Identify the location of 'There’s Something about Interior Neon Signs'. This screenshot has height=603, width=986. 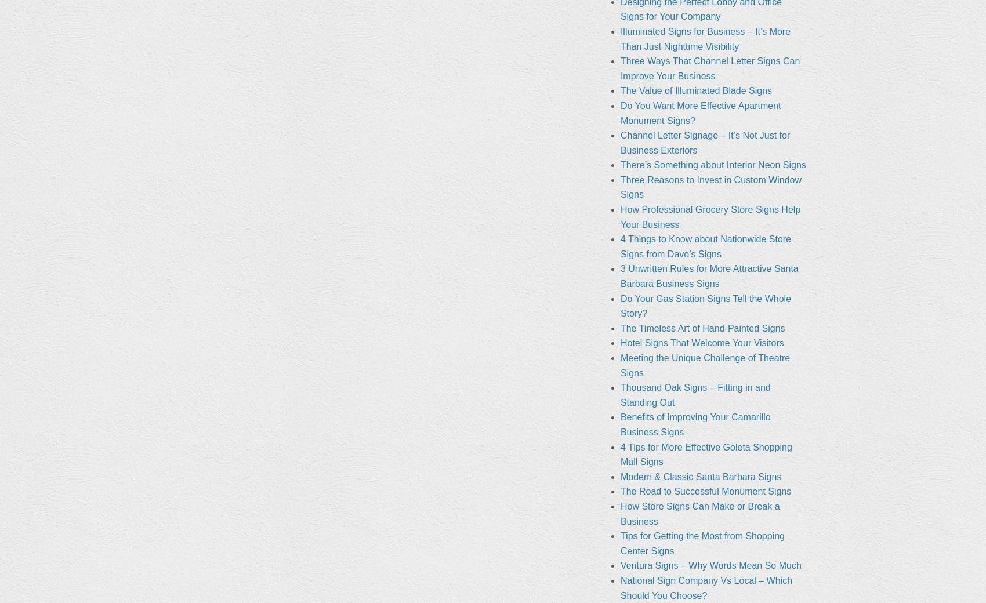
(619, 164).